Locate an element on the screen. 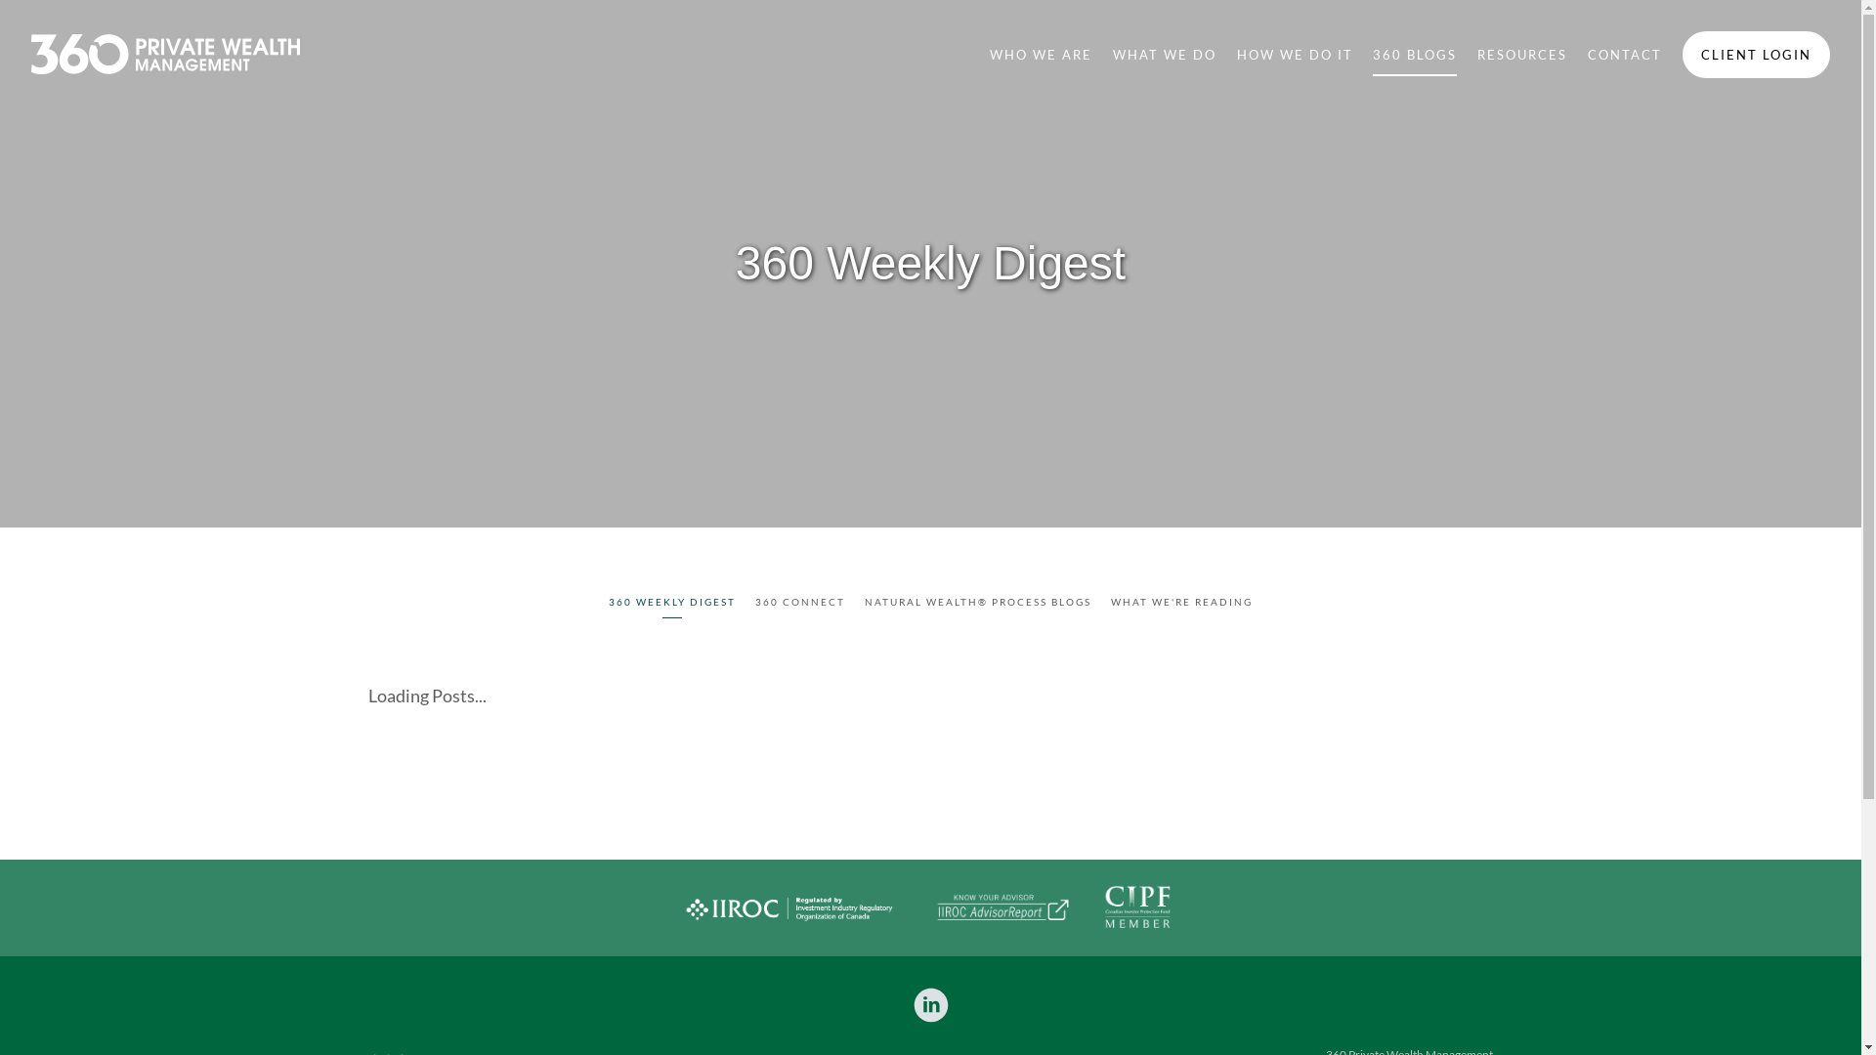 This screenshot has height=1055, width=1876. '     ' is located at coordinates (930, 1005).